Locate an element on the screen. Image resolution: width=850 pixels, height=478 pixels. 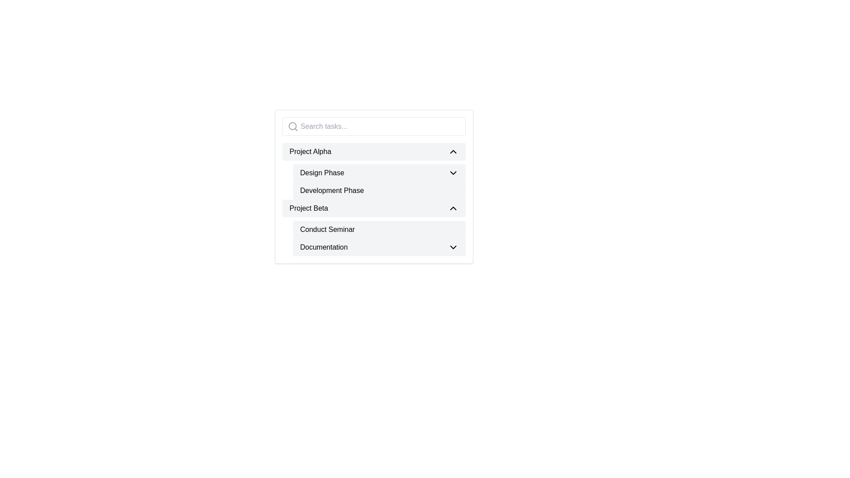
the chevron icon located to the right of the 'Project Alpha' text in the vertical list layout, which is positioned at the top of the list is located at coordinates (453, 151).